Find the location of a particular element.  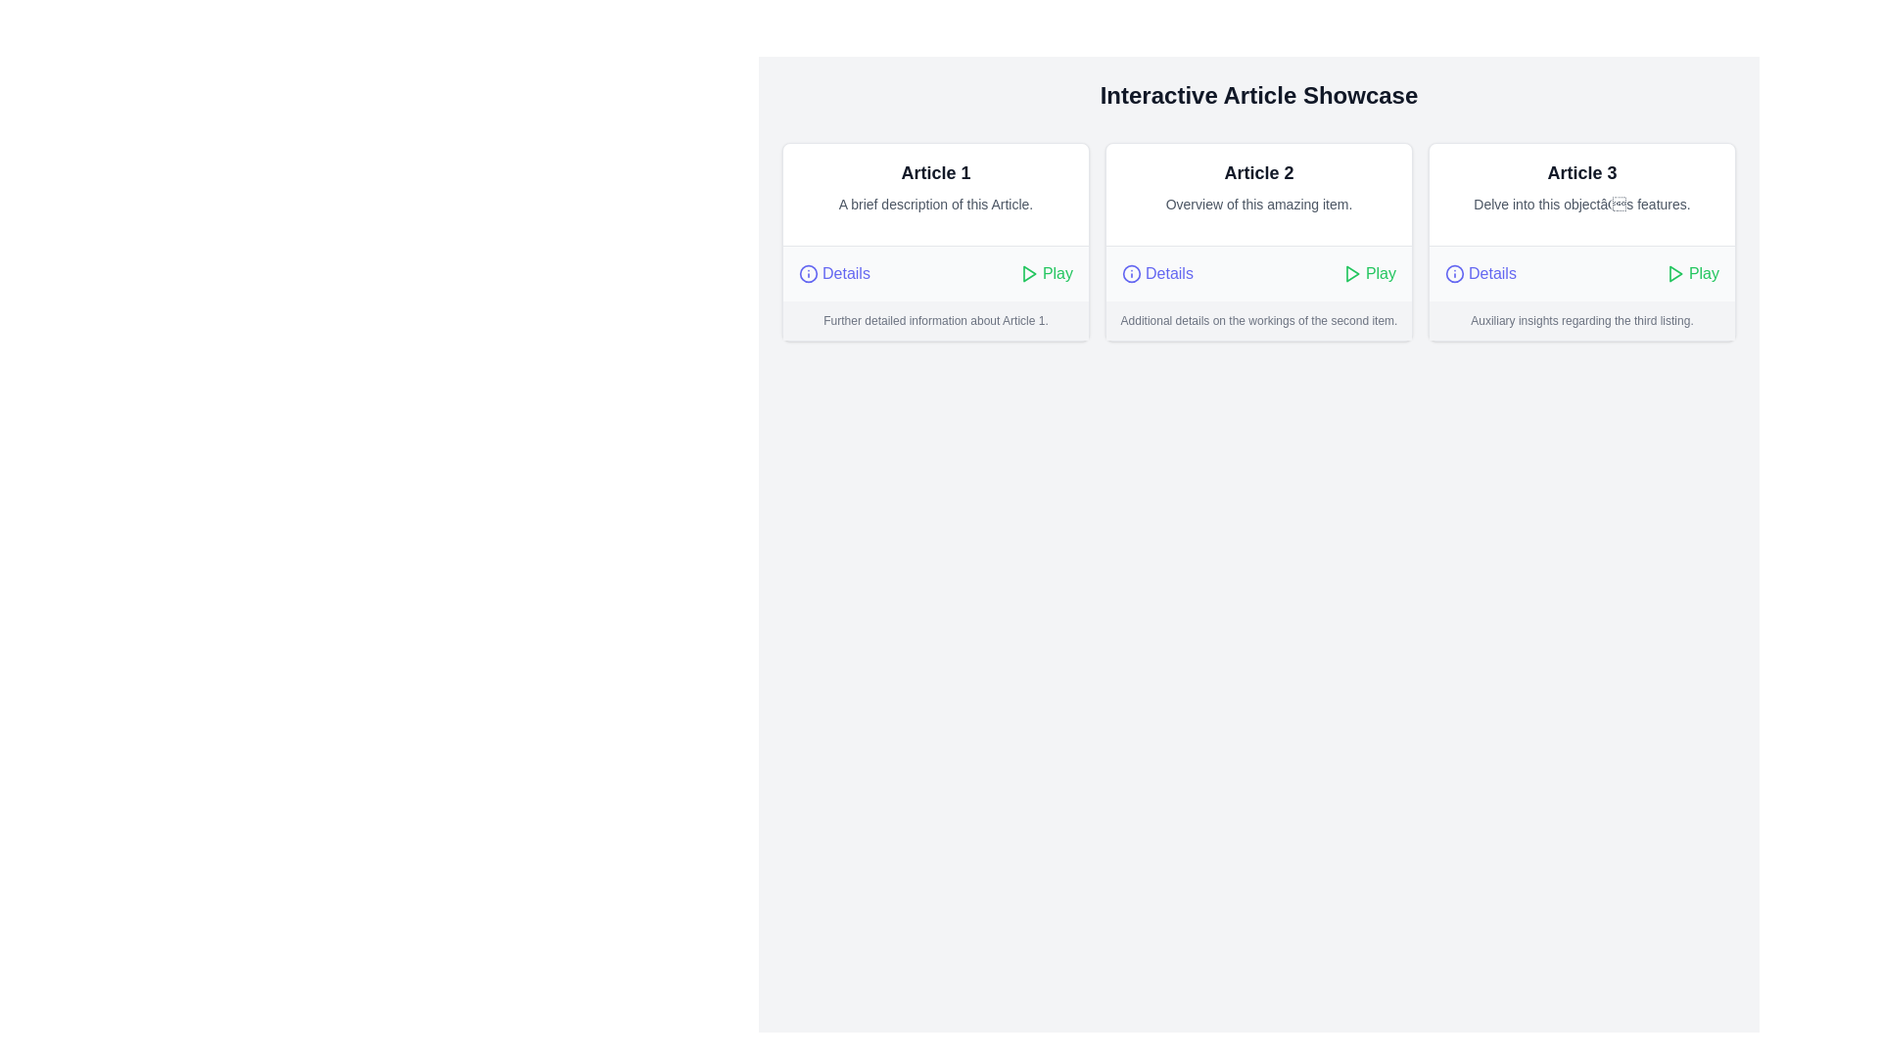

the Text label that displays additional details about 'Article 3' to observe the possible tooltip is located at coordinates (1491, 274).